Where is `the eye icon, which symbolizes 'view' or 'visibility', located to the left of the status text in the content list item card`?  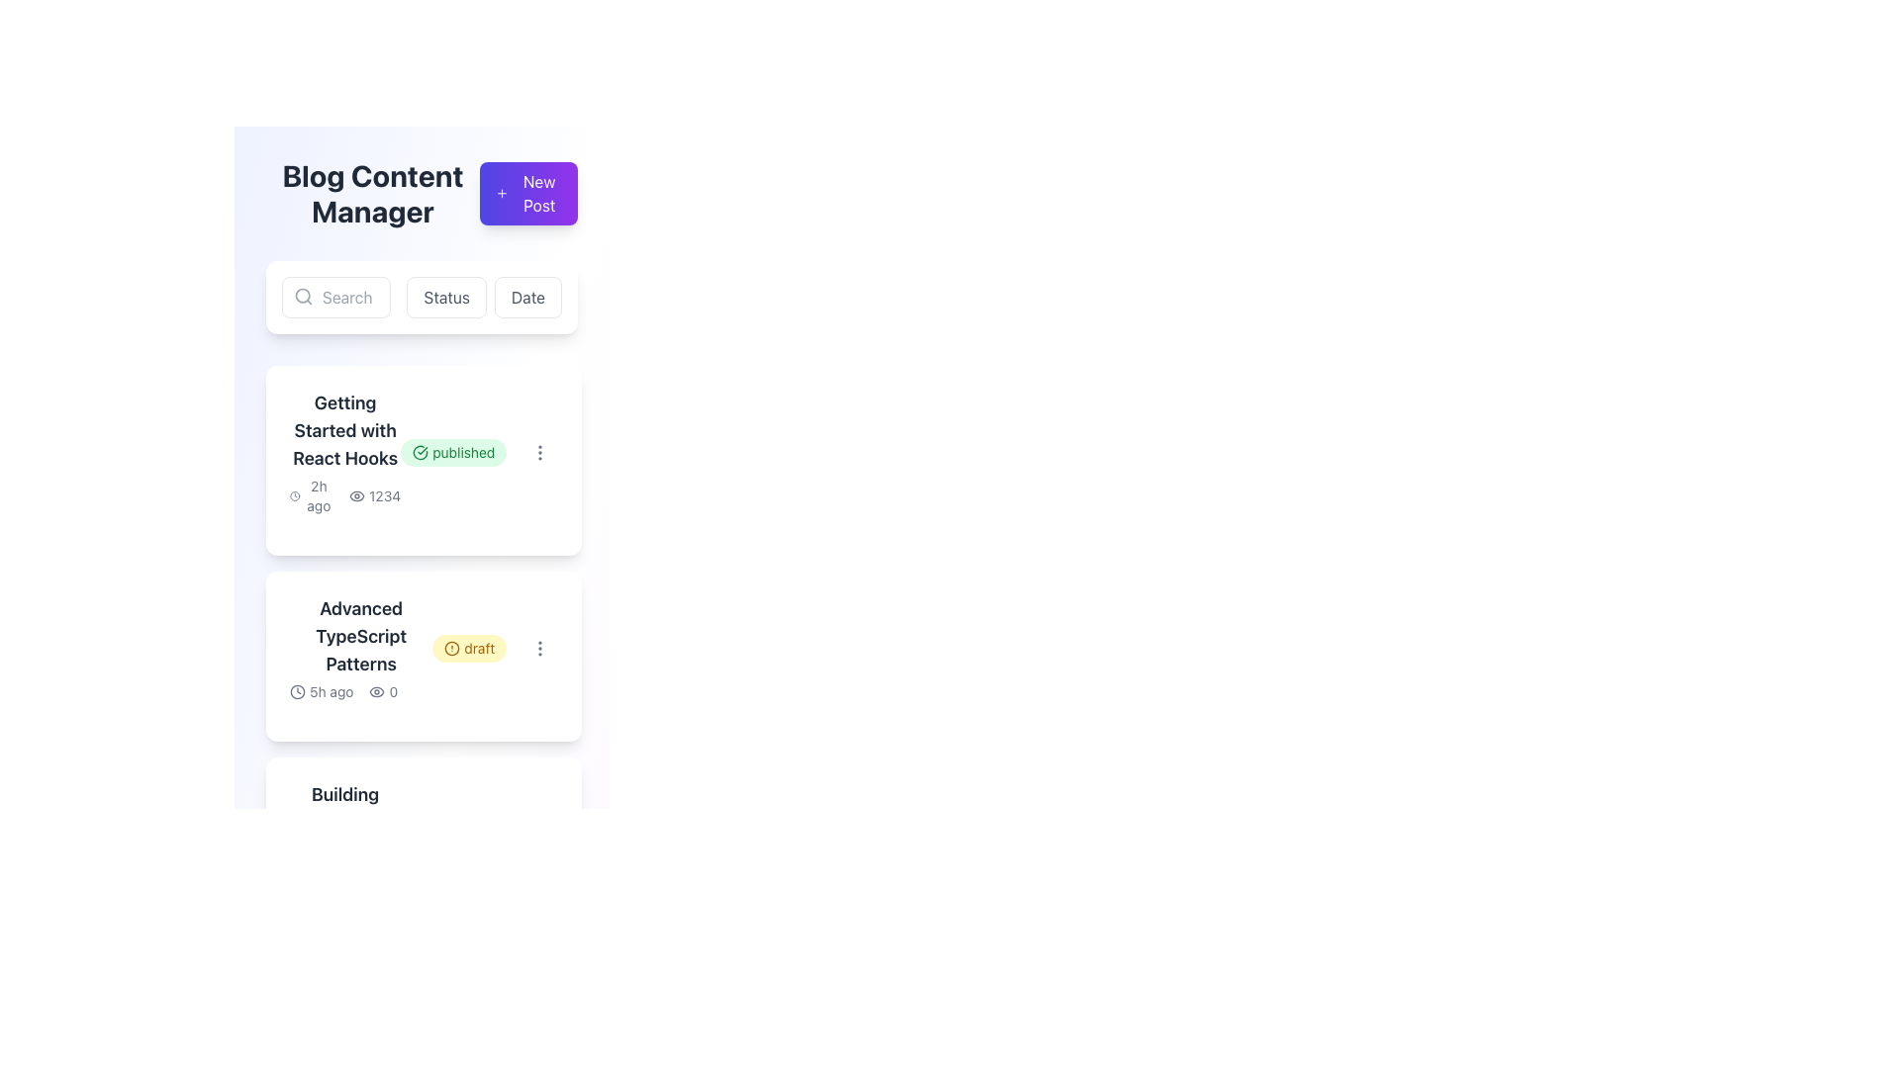 the eye icon, which symbolizes 'view' or 'visibility', located to the left of the status text in the content list item card is located at coordinates (377, 690).